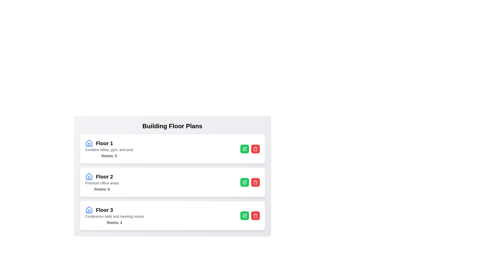 This screenshot has width=493, height=277. I want to click on the edit button for Floor 1, so click(244, 149).